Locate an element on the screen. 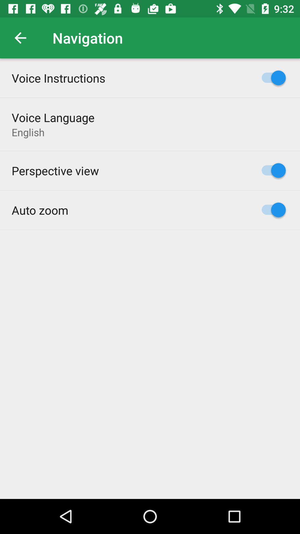 Image resolution: width=300 pixels, height=534 pixels. item below the voice instructions item is located at coordinates (53, 117).